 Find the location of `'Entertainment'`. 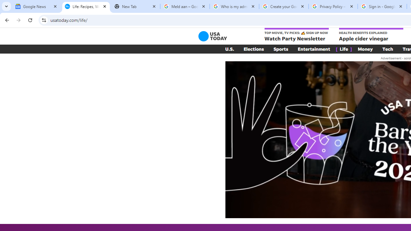

'Entertainment' is located at coordinates (314, 49).